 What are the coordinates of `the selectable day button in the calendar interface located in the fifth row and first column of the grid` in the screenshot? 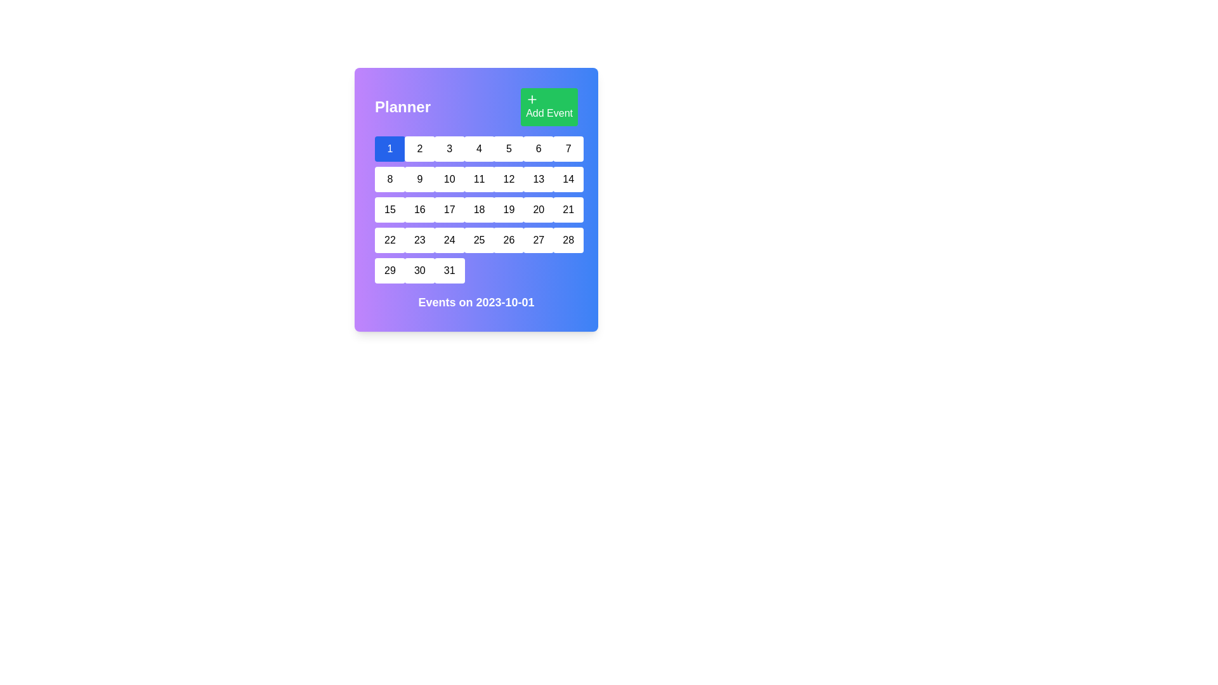 It's located at (389, 240).